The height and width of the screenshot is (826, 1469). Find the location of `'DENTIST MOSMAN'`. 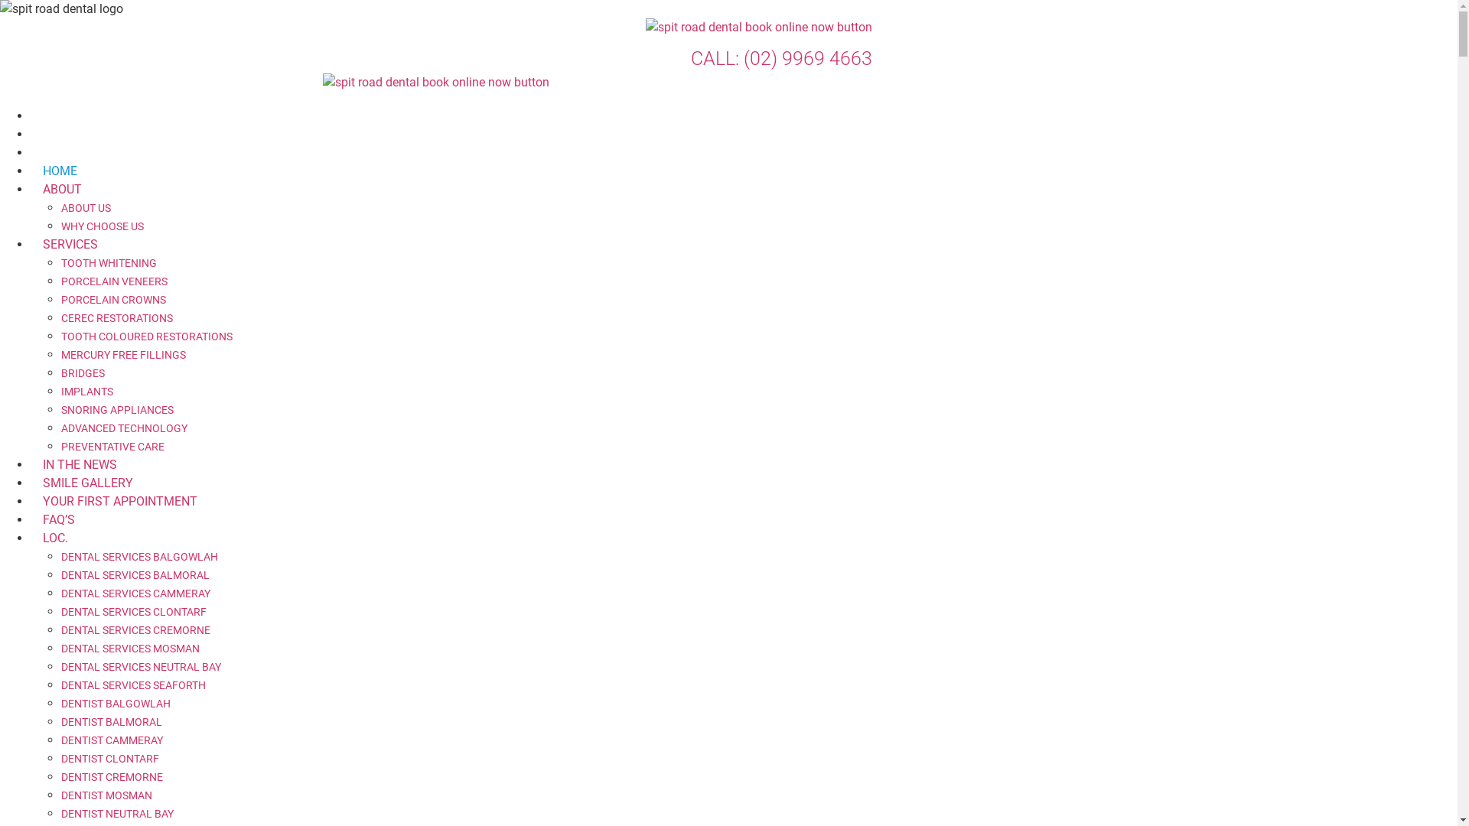

'DENTIST MOSMAN' is located at coordinates (61, 795).